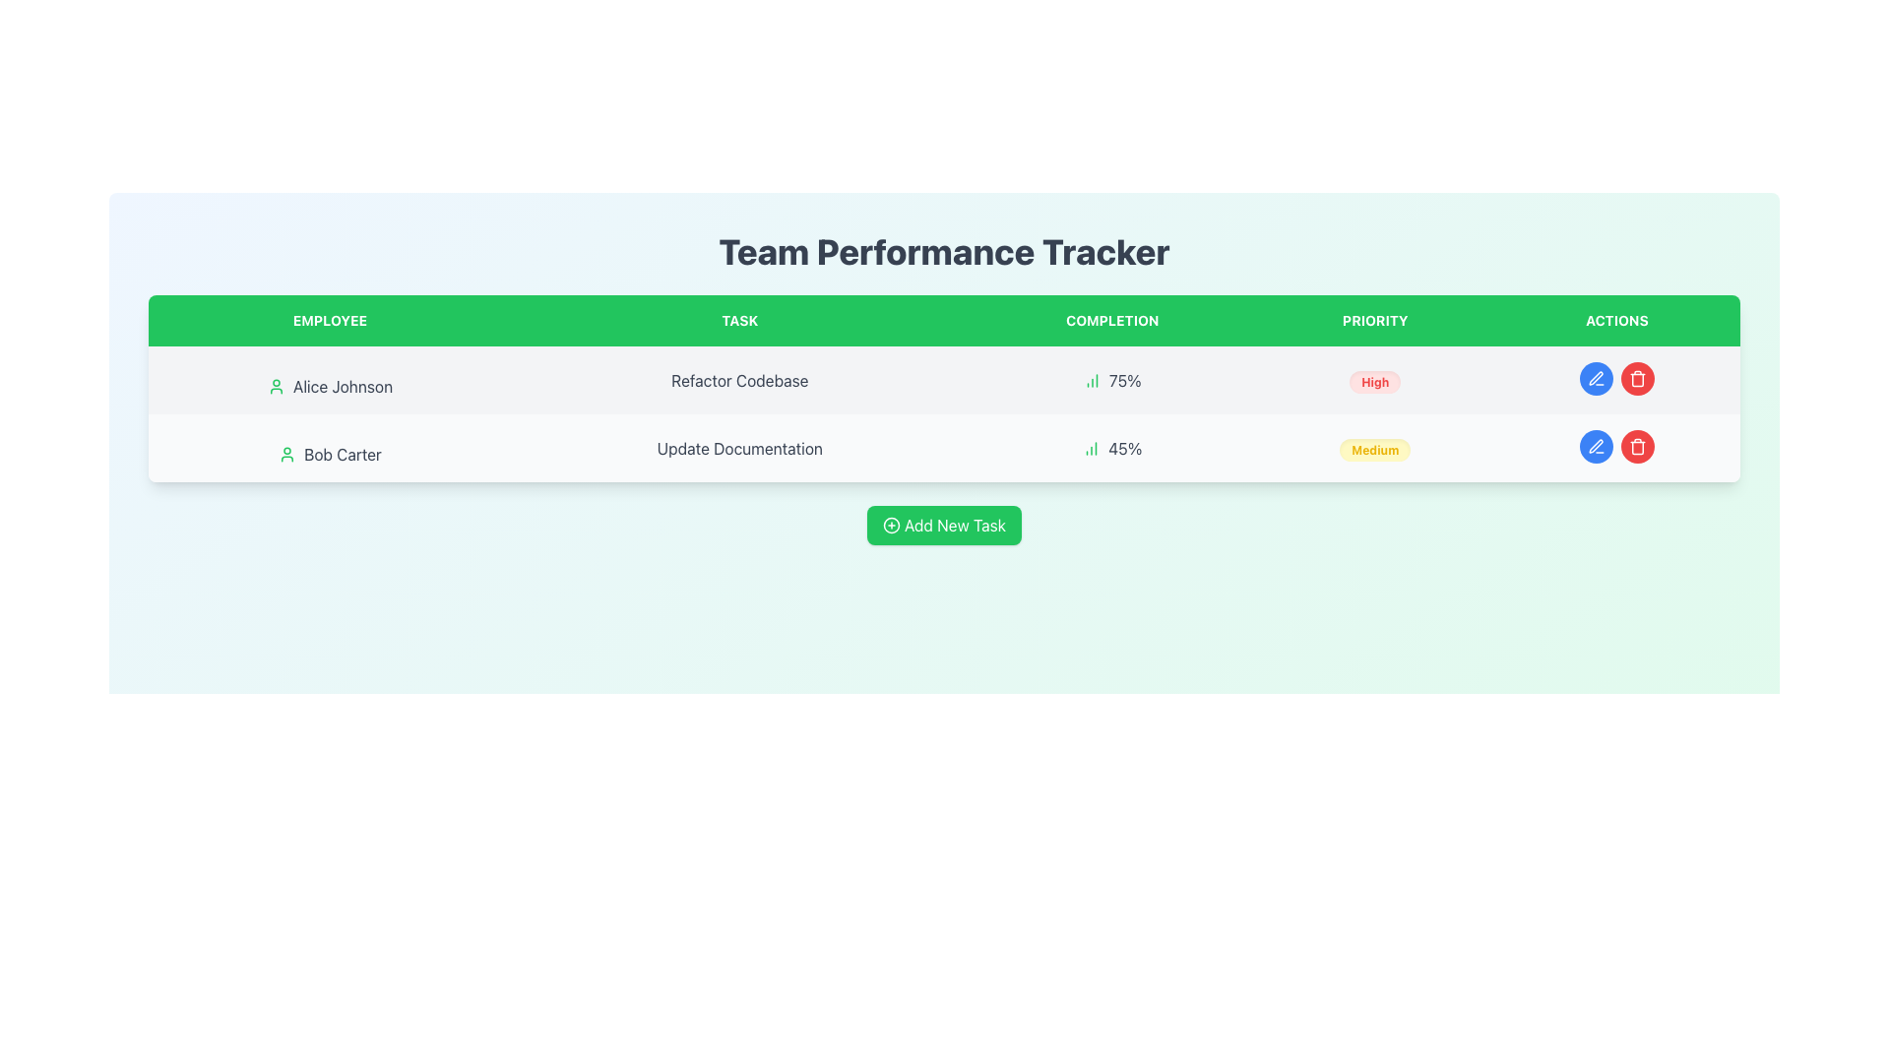 The height and width of the screenshot is (1063, 1890). I want to click on the text label displaying 'Alice Johnson' in the first row under the 'Employee' column of the 'Team Performance Tracker' table, so click(330, 387).